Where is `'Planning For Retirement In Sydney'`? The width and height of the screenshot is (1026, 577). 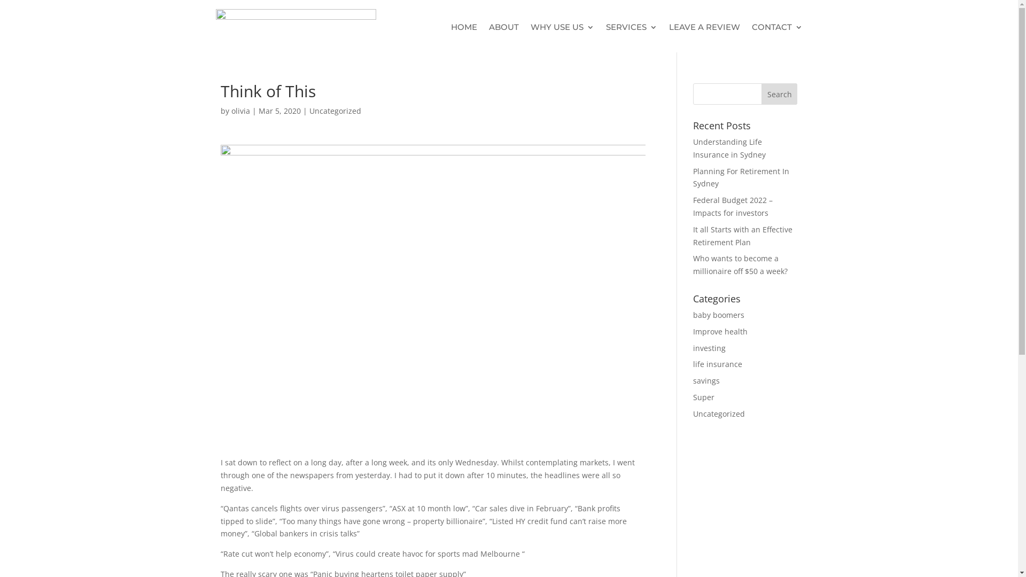 'Planning For Retirement In Sydney' is located at coordinates (741, 177).